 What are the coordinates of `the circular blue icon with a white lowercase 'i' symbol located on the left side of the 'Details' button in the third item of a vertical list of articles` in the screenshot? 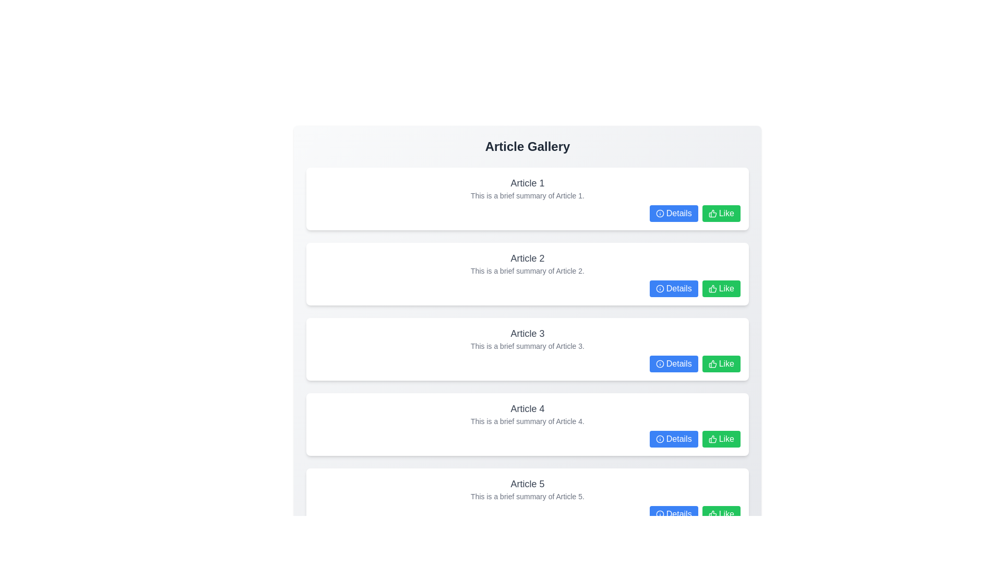 It's located at (659, 363).